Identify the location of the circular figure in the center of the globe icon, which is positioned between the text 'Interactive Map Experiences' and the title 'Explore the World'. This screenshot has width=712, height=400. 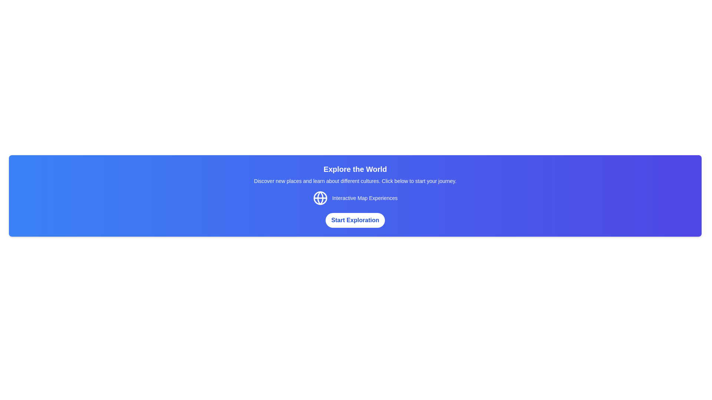
(320, 198).